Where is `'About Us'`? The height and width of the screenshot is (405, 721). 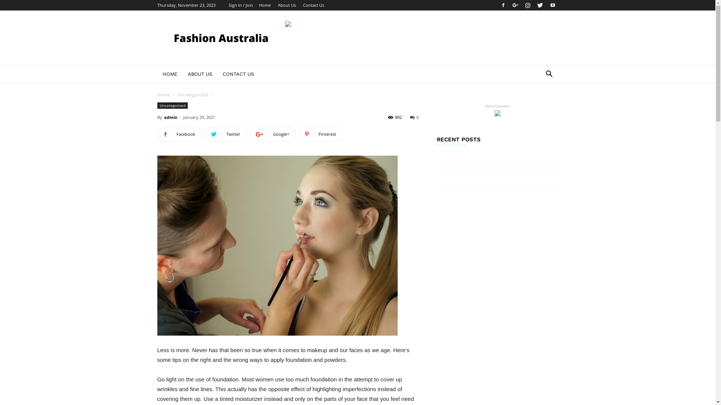 'About Us' is located at coordinates (286, 5).